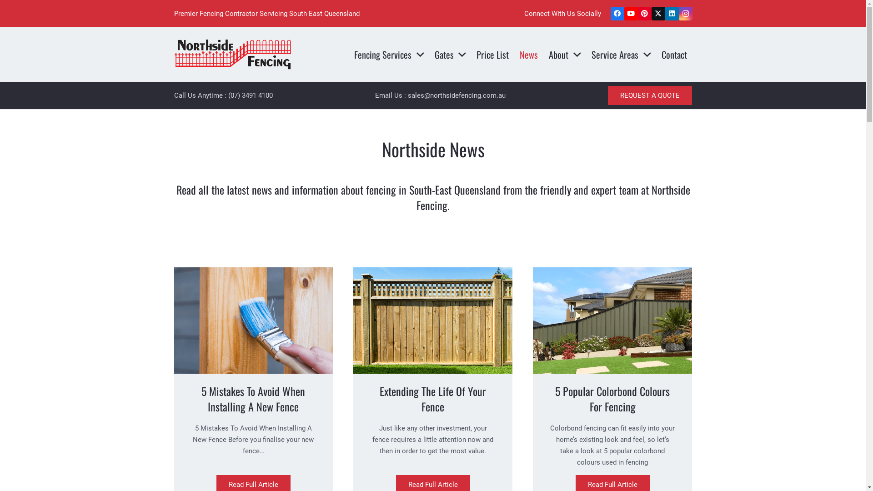 The height and width of the screenshot is (491, 873). Describe the element at coordinates (471, 54) in the screenshot. I see `'Price List'` at that location.